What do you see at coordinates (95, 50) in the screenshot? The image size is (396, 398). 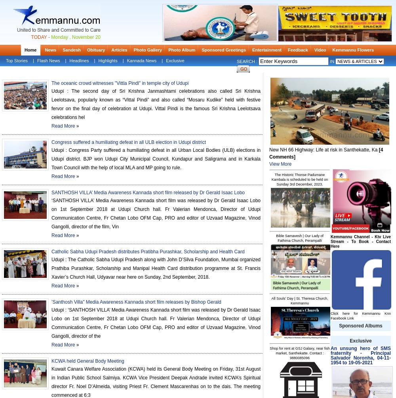 I see `'Obituary'` at bounding box center [95, 50].